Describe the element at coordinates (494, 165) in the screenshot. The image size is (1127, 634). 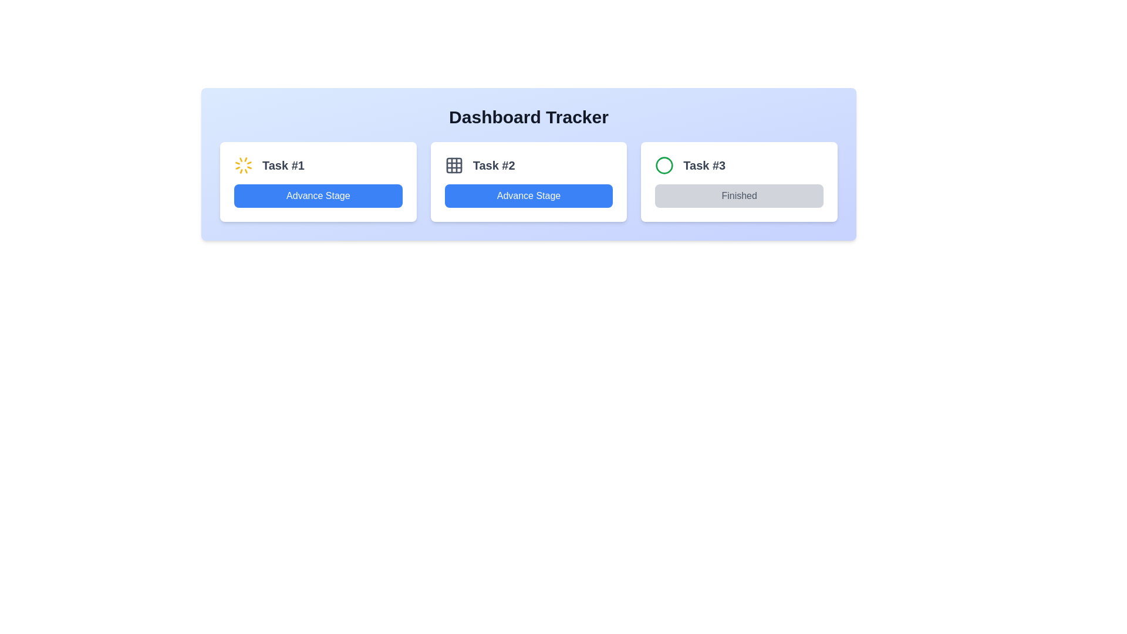
I see `the Text Label that identifies Task #2, located above the 'Advance Stage' button and to the right of the task symbol icon` at that location.